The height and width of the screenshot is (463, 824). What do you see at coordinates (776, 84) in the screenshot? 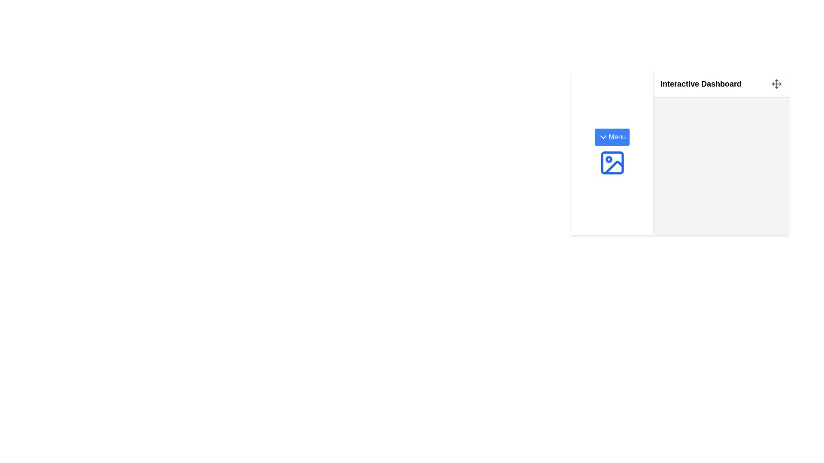
I see `the repositioning icon located near the top-right corner of the 'Interactive Dashboard' header, next to the title text` at bounding box center [776, 84].